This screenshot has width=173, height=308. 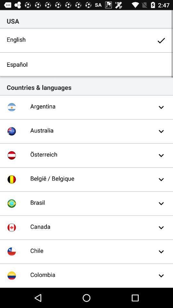 I want to click on the english icon, so click(x=86, y=40).